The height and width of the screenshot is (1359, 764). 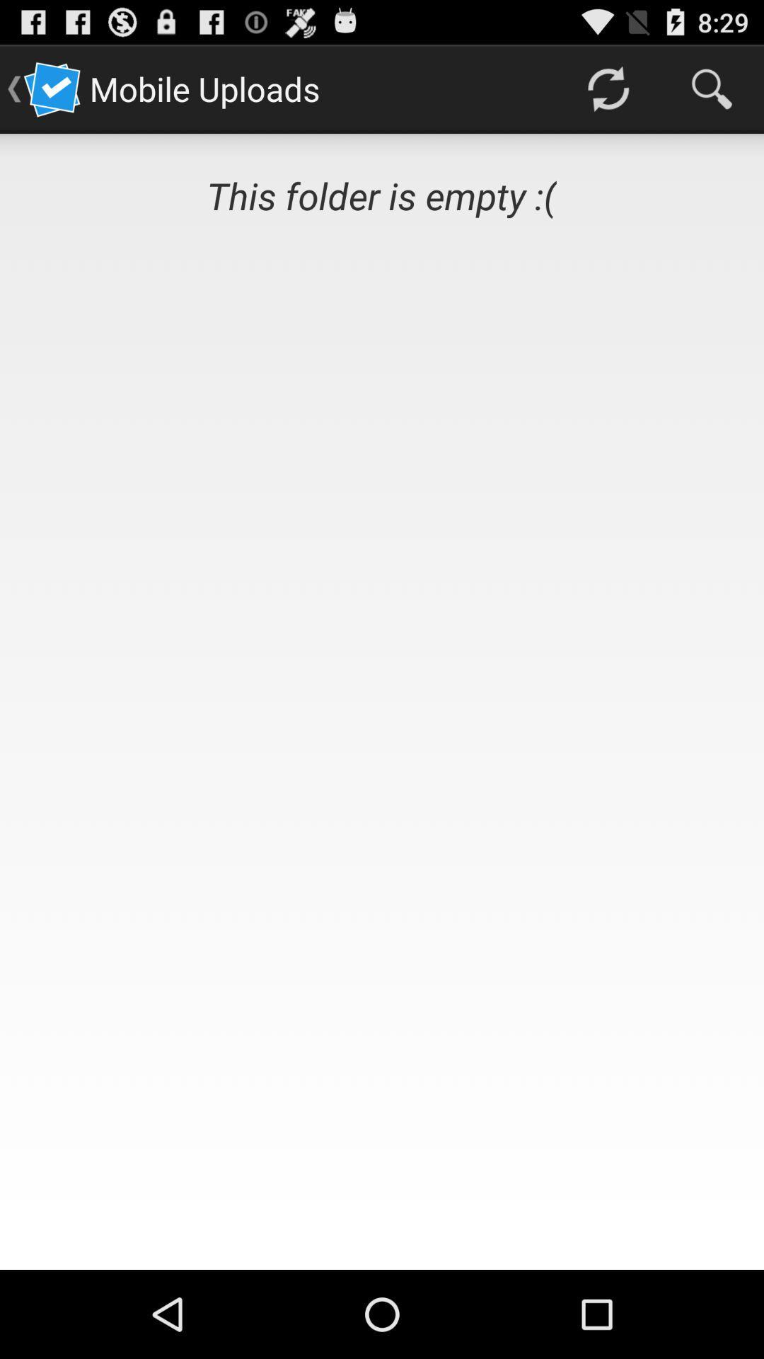 What do you see at coordinates (607, 88) in the screenshot?
I see `the app above this folder is item` at bounding box center [607, 88].